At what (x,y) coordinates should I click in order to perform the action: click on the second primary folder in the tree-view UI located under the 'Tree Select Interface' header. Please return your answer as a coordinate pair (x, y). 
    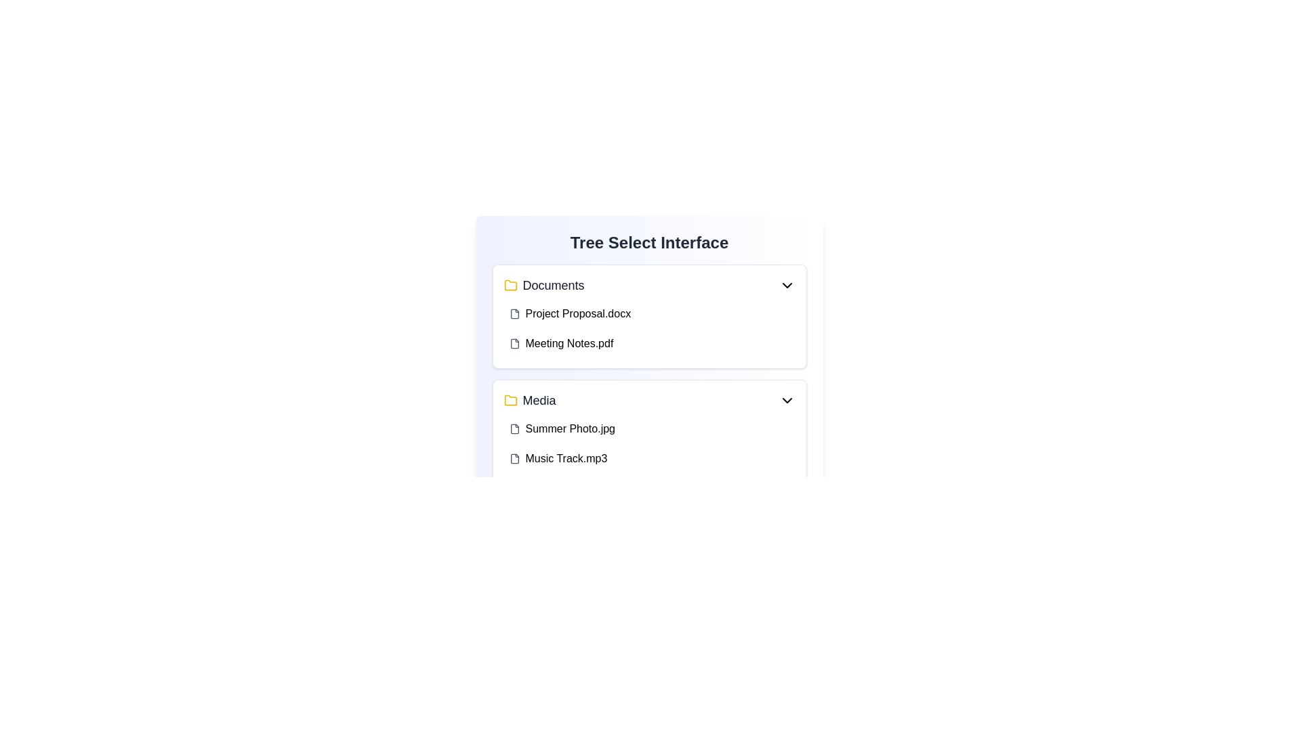
    Looking at the image, I should click on (529, 399).